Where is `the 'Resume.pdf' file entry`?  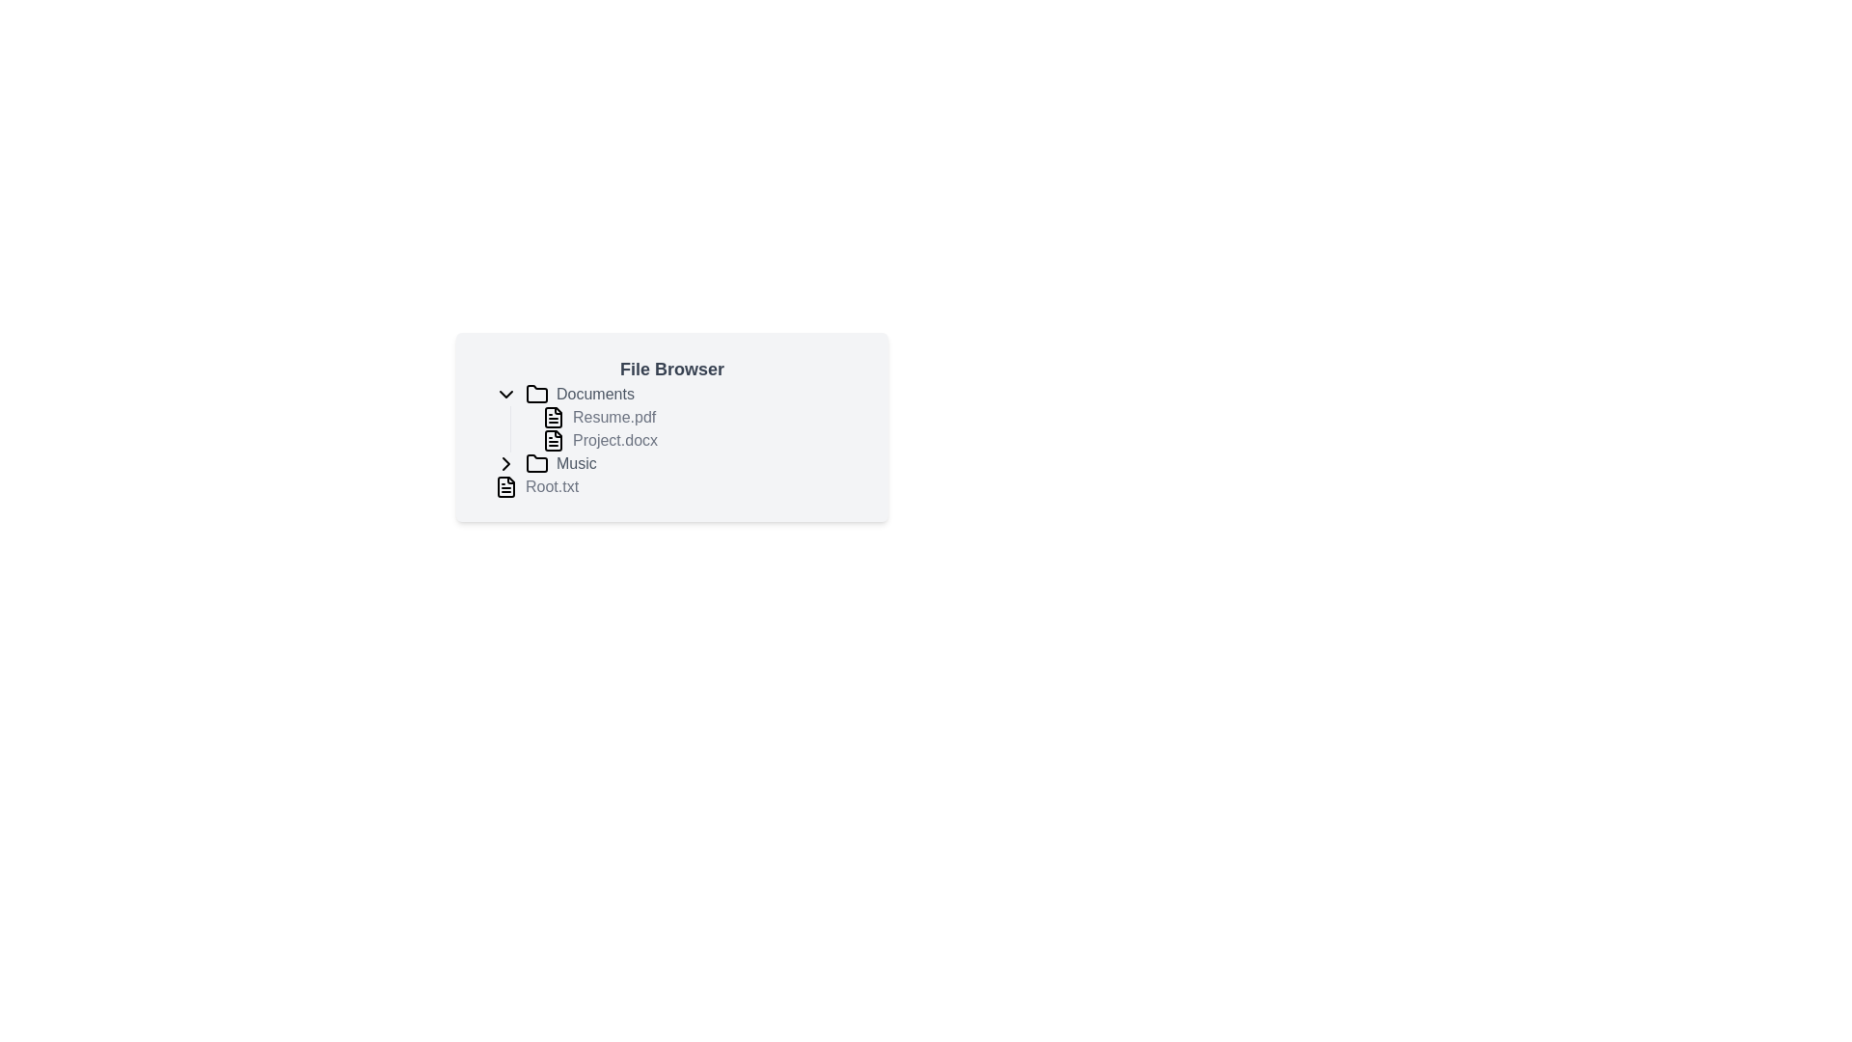
the 'Resume.pdf' file entry is located at coordinates (702, 416).